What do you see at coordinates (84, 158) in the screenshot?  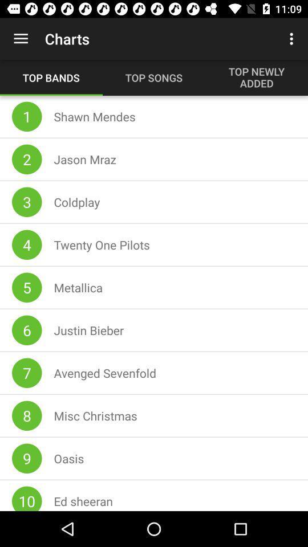 I see `the jason mraz` at bounding box center [84, 158].